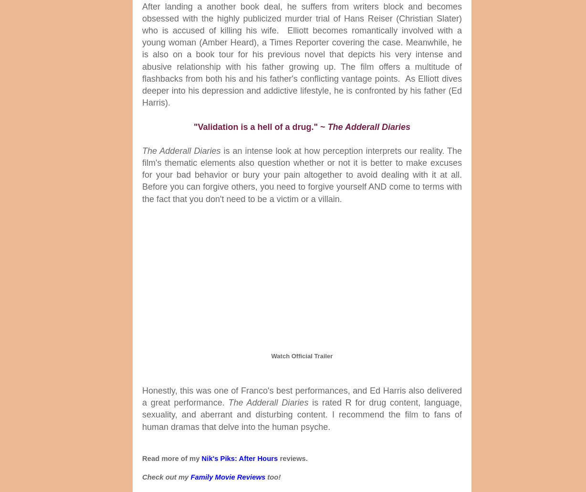 This screenshot has height=492, width=586. I want to click on 'Nik's Piks: After Hours', so click(239, 458).